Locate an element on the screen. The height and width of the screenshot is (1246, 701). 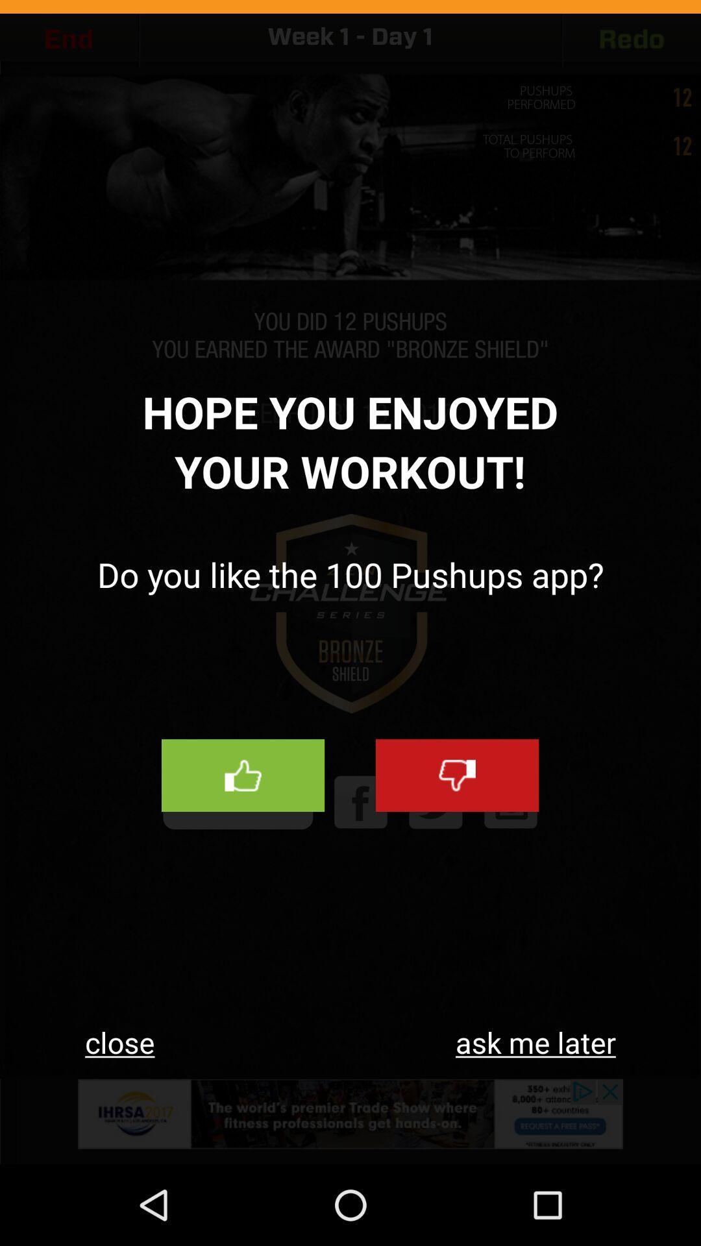
like is located at coordinates (243, 776).